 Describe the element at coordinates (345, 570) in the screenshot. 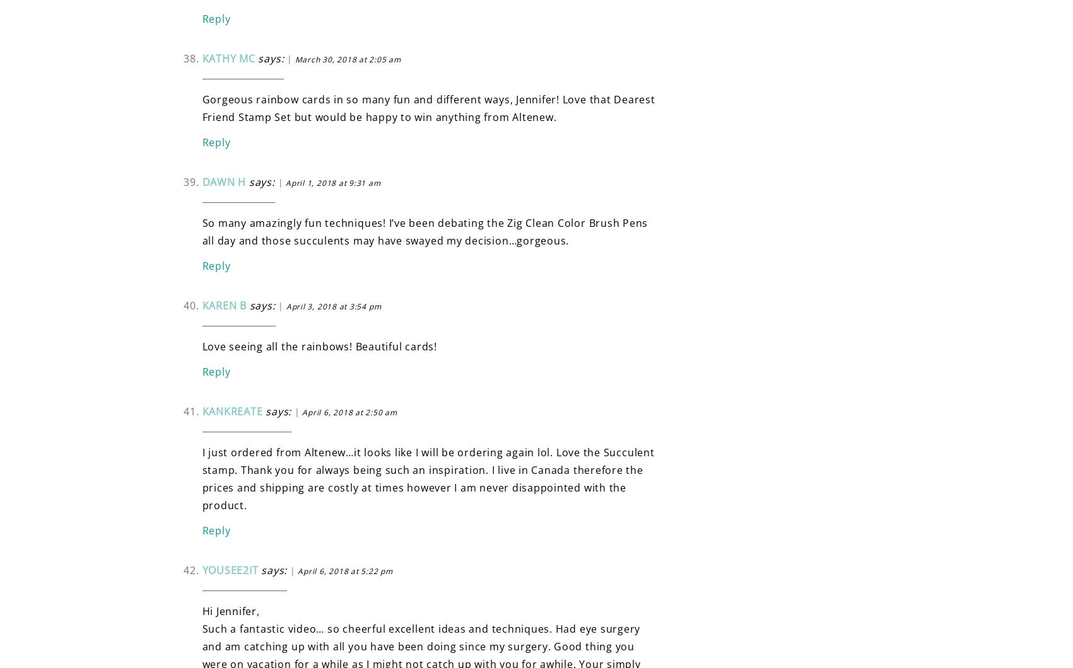

I see `'April 6, 2018 at 5:22 pm'` at that location.